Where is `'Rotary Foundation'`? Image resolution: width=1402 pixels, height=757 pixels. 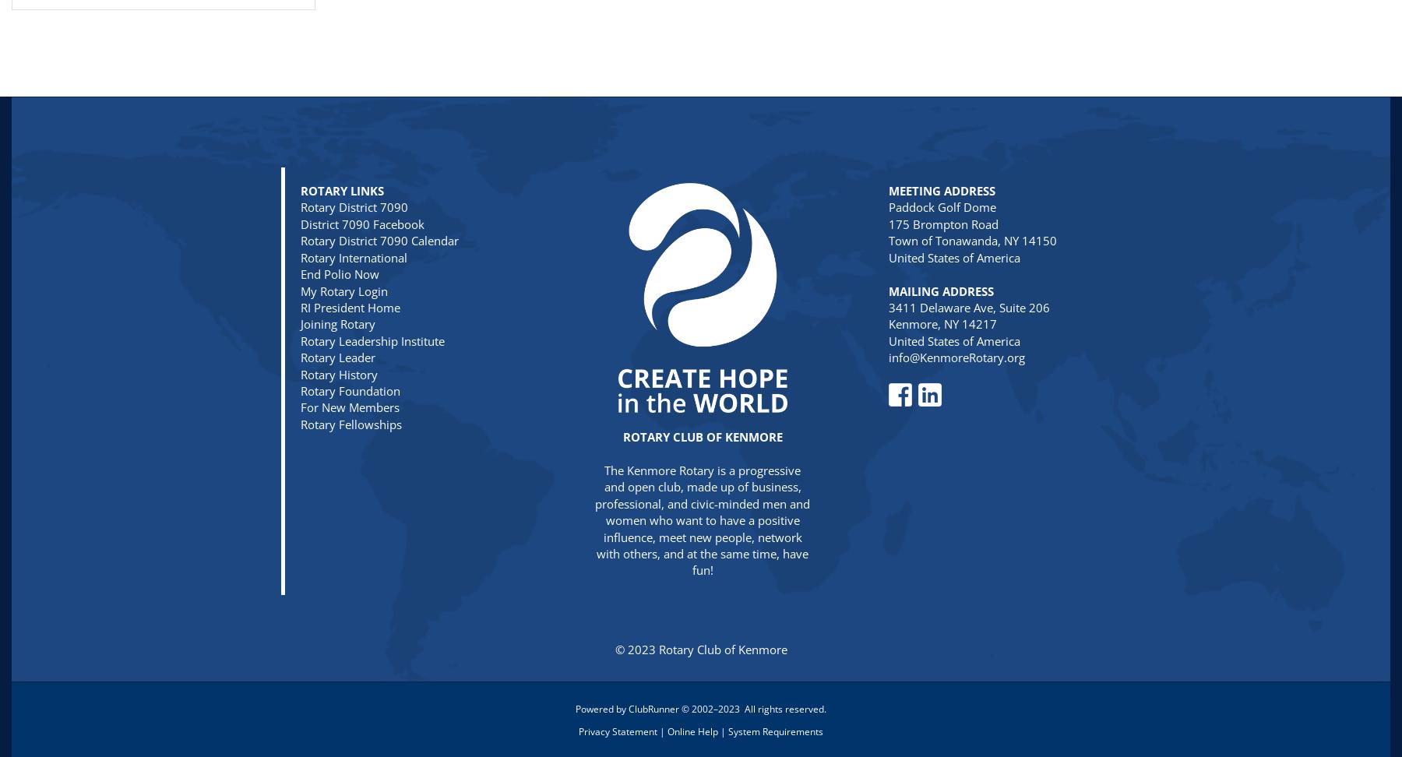 'Rotary Foundation' is located at coordinates (350, 391).